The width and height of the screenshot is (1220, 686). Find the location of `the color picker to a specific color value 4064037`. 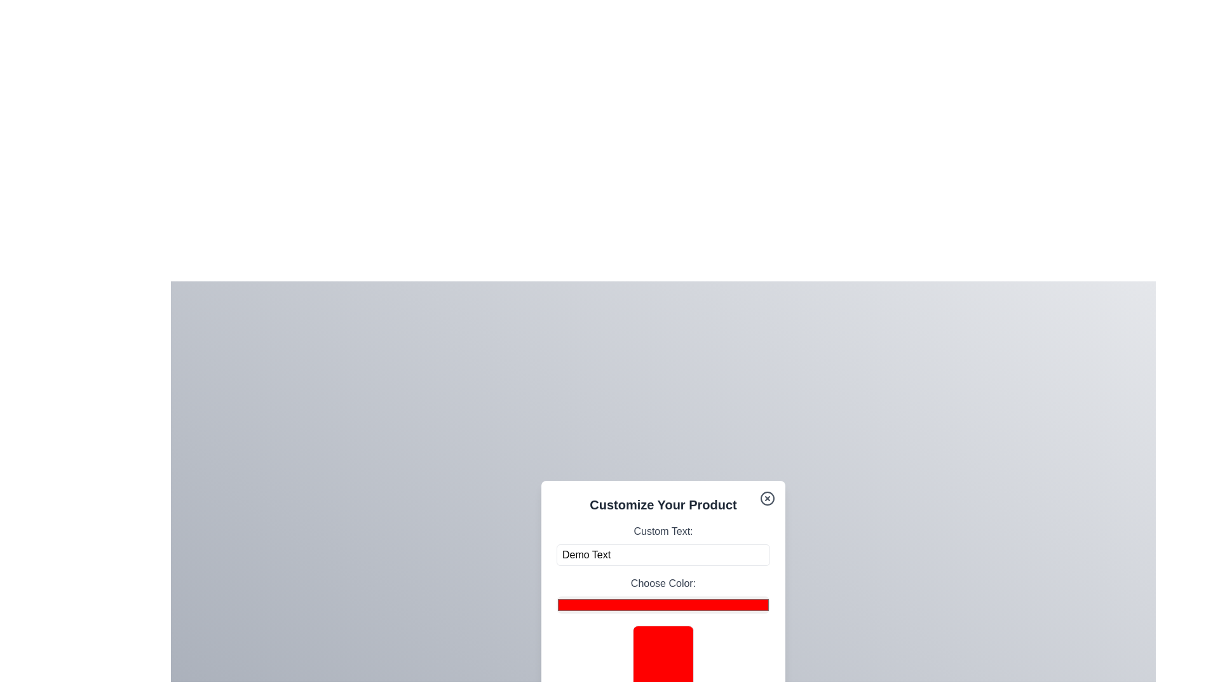

the color picker to a specific color value 4064037 is located at coordinates (662, 604).